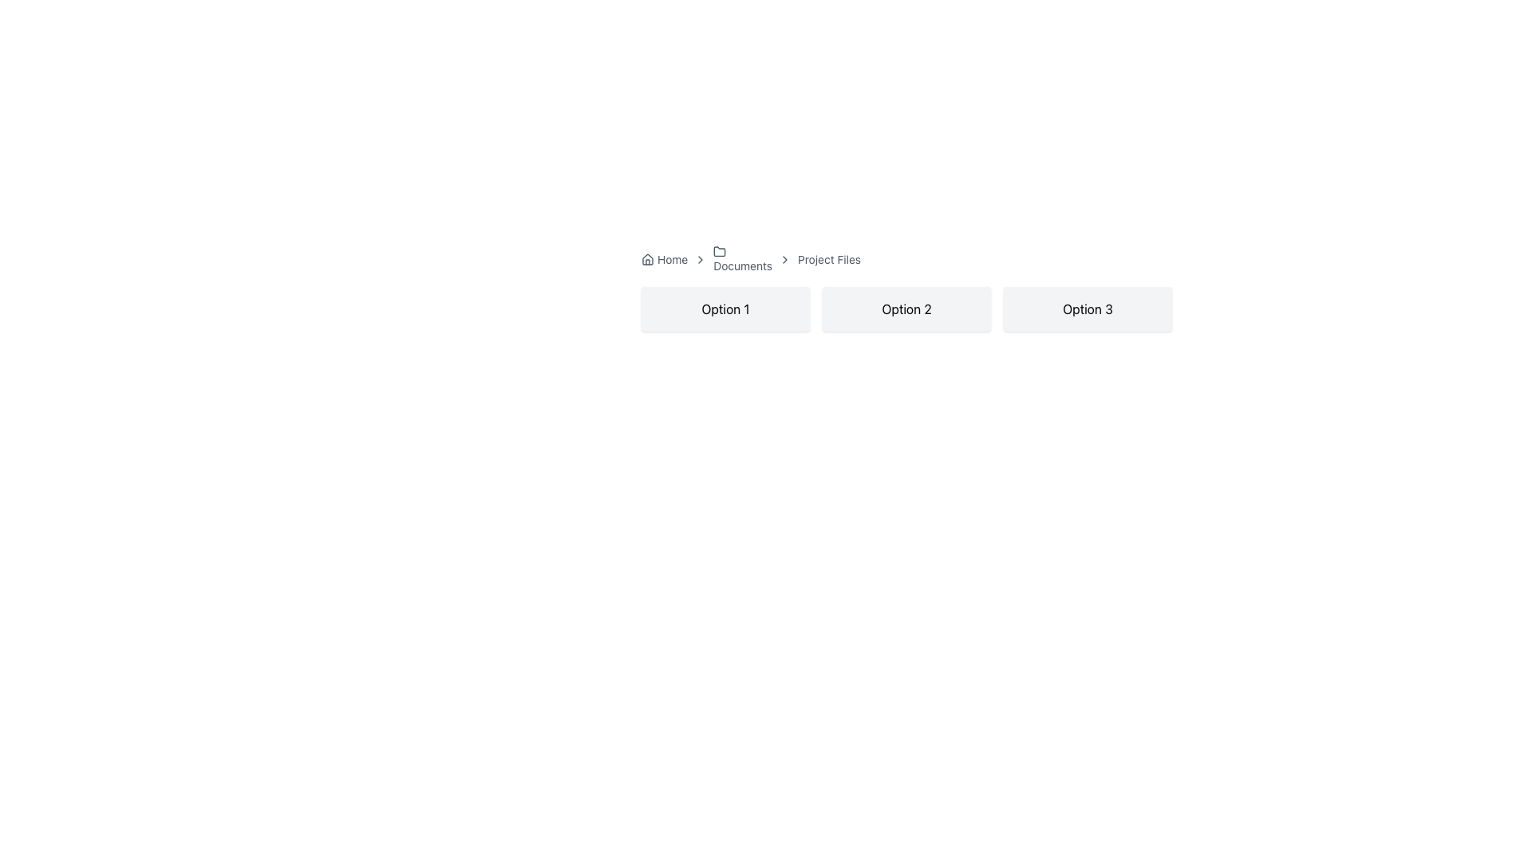  Describe the element at coordinates (719, 251) in the screenshot. I see `the folder-shaped icon located in the breadcrumb navigation bar, positioned between 'Documents' and 'Project Files'` at that location.